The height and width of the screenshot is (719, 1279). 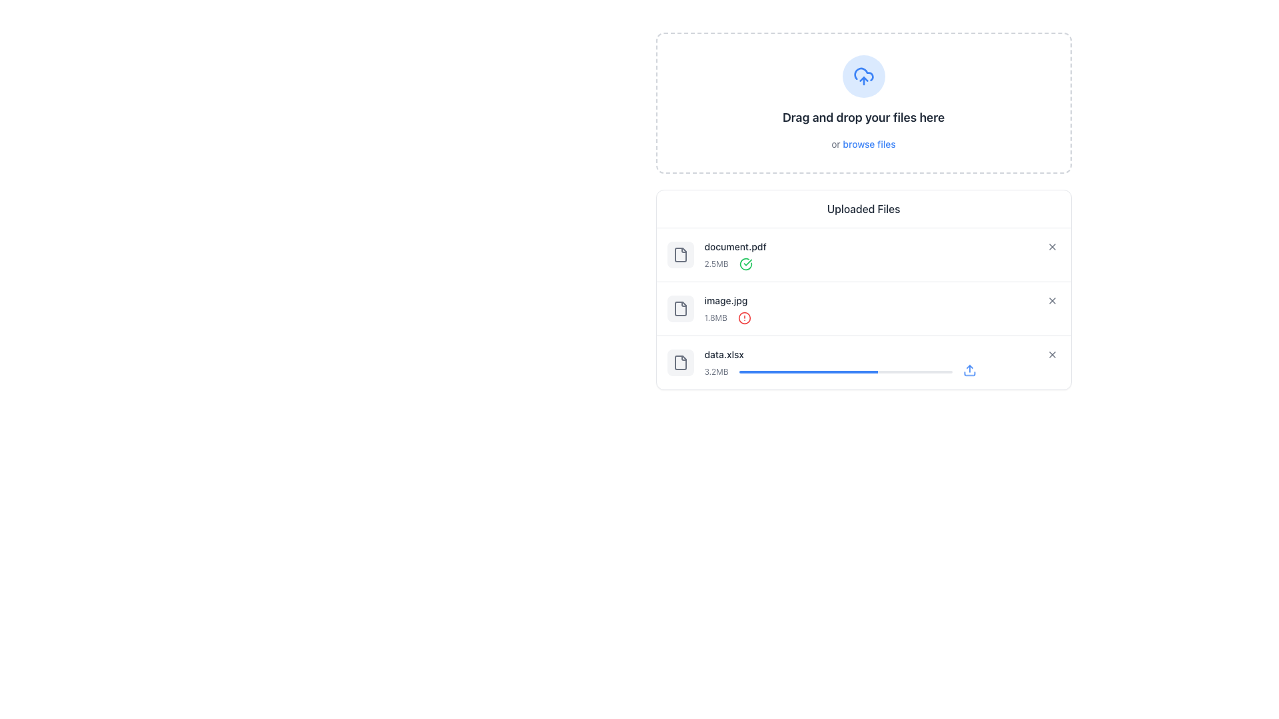 What do you see at coordinates (865, 372) in the screenshot?
I see `the progress value for 'data.xlsx' upload` at bounding box center [865, 372].